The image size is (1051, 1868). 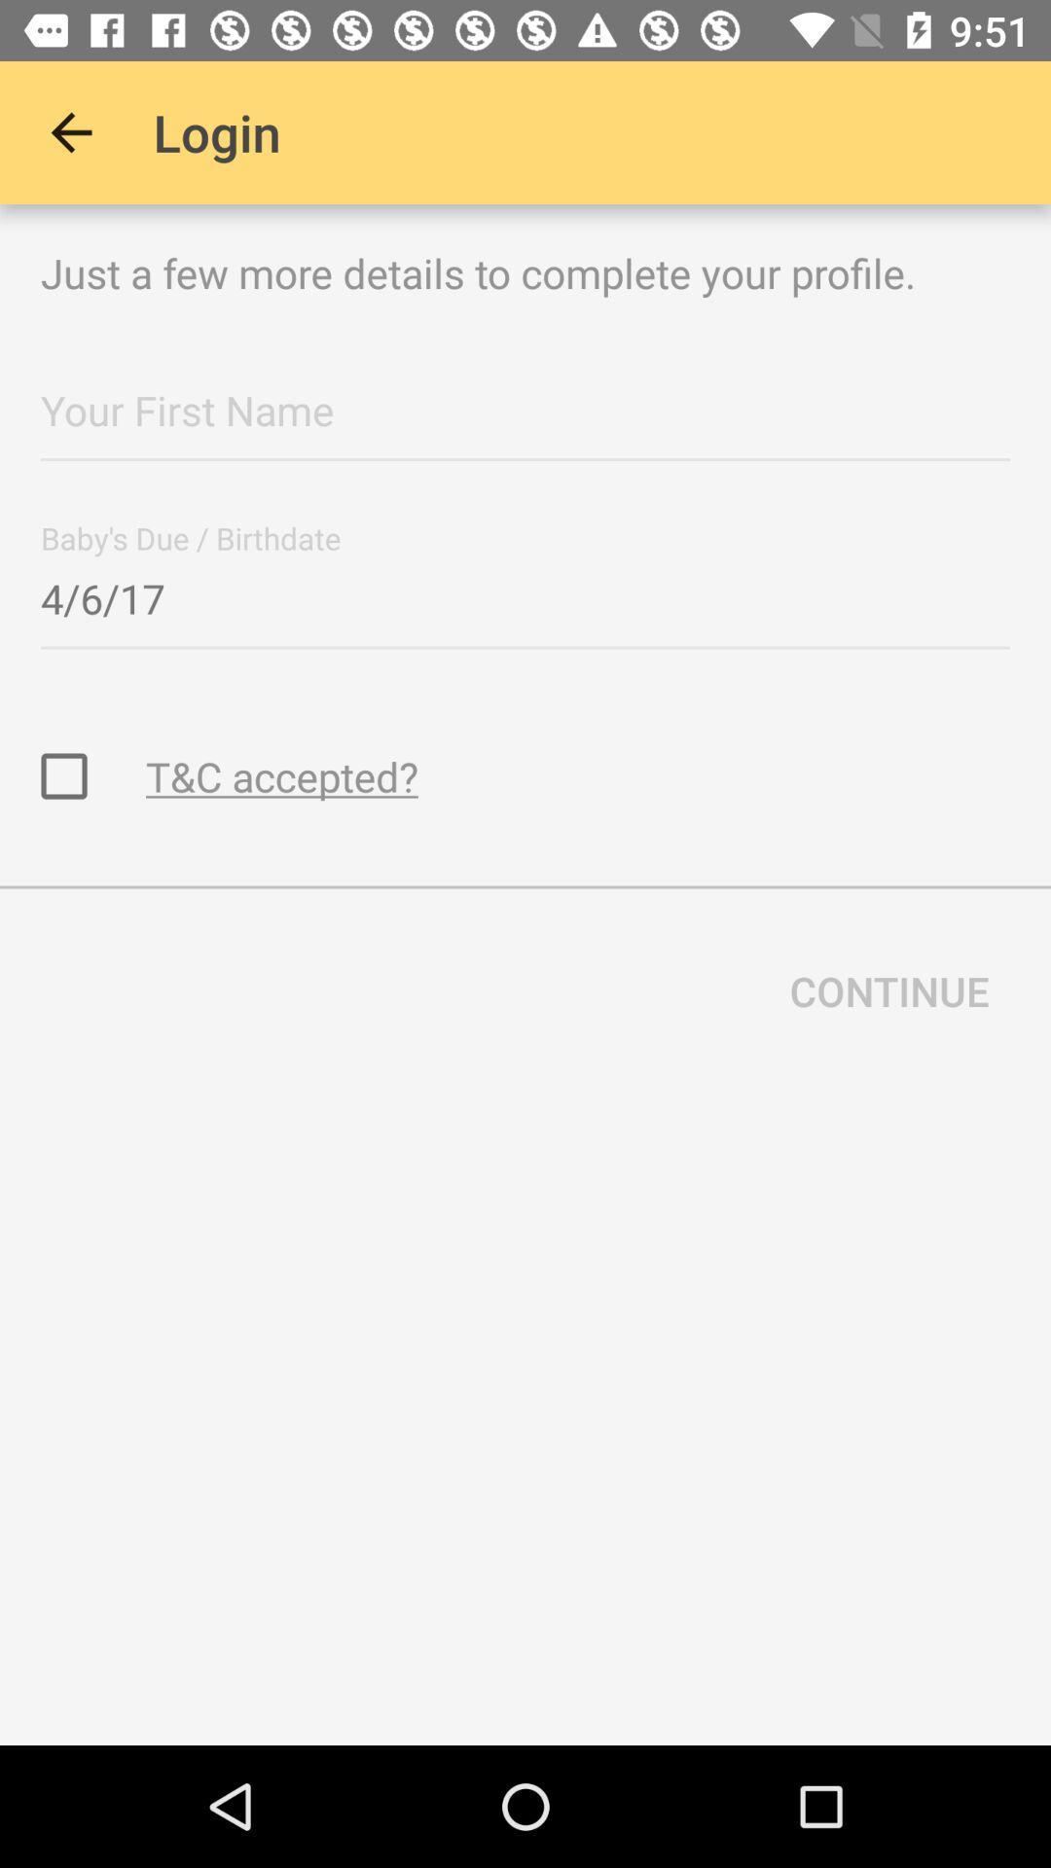 What do you see at coordinates (70, 131) in the screenshot?
I see `item above just a few icon` at bounding box center [70, 131].